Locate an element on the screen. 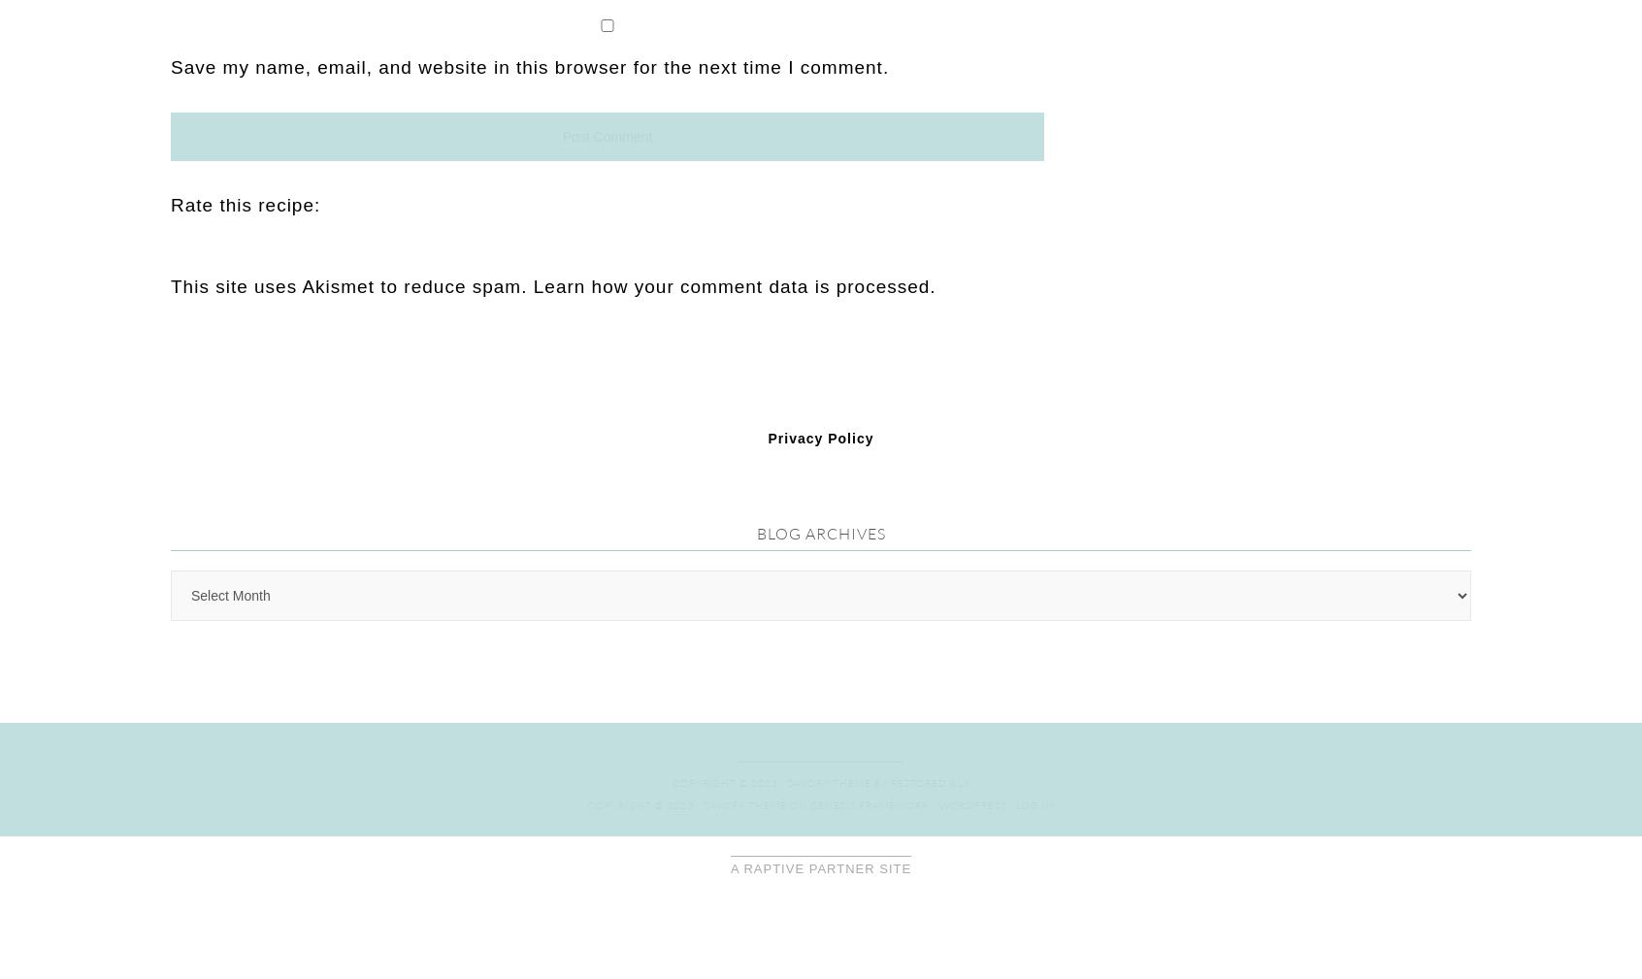 The height and width of the screenshot is (979, 1642). 'Savory Theme' is located at coordinates (743, 371).